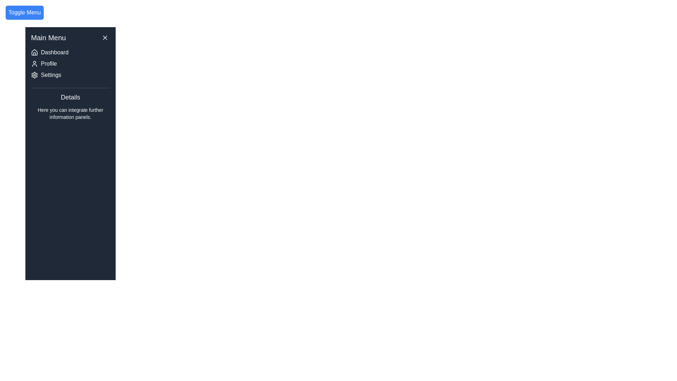  What do you see at coordinates (34, 75) in the screenshot?
I see `the small gear icon with a dark blue background and a white stroke, located next to the 'Settings' label on the left-side menu` at bounding box center [34, 75].